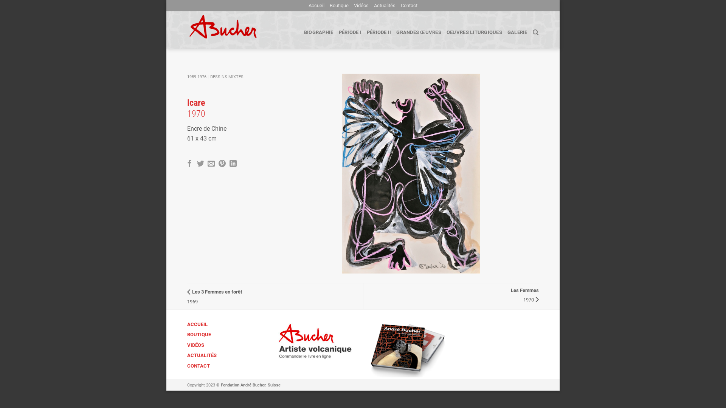  I want to click on '1959-1976', so click(197, 77).